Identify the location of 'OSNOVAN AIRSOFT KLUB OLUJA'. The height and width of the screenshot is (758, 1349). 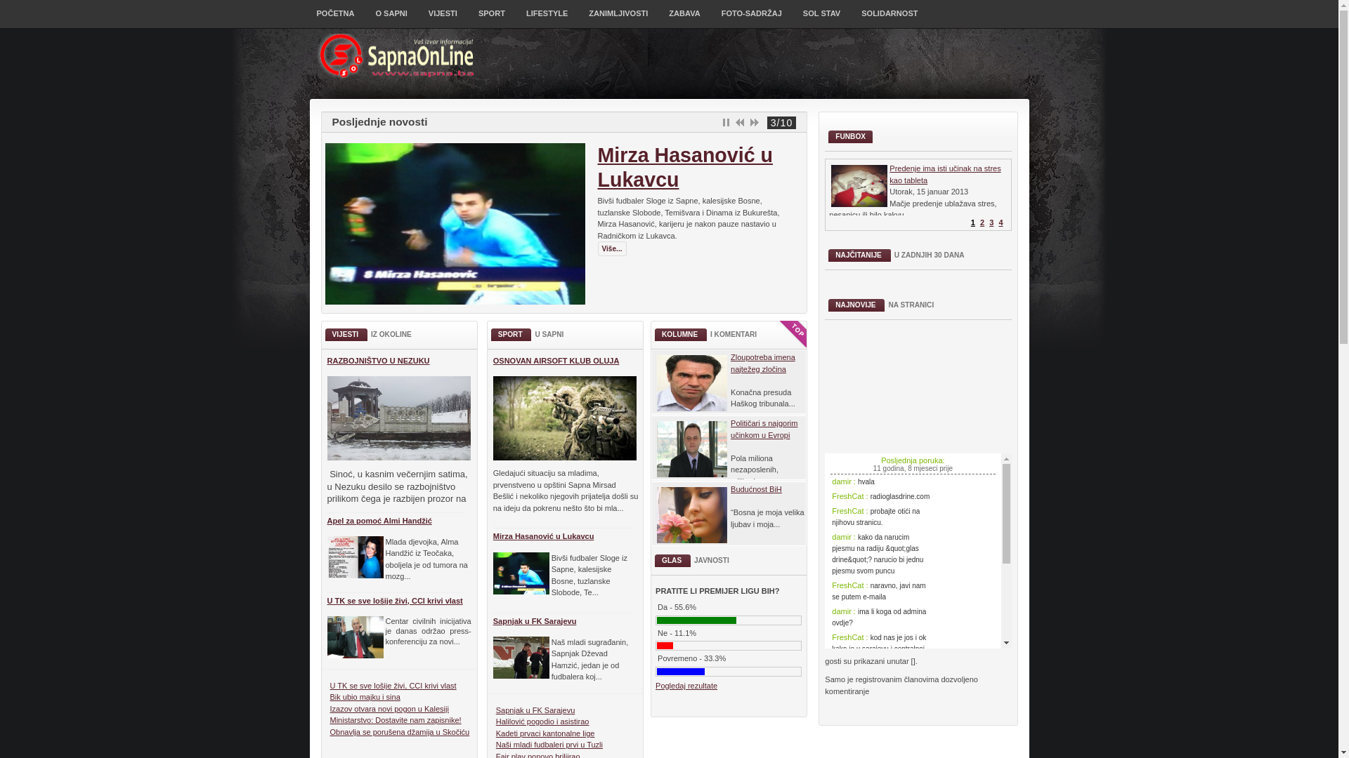
(556, 359).